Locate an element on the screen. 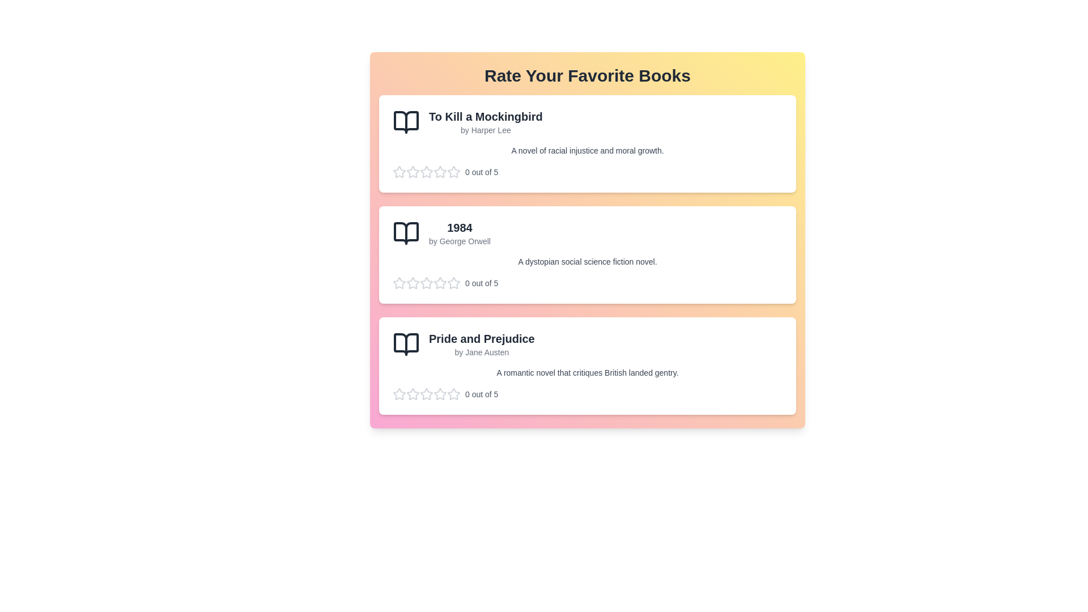  the static text element that displays the author's name 'George Orwell' for the book '1984', which is positioned below the title within the second book card is located at coordinates (460, 240).